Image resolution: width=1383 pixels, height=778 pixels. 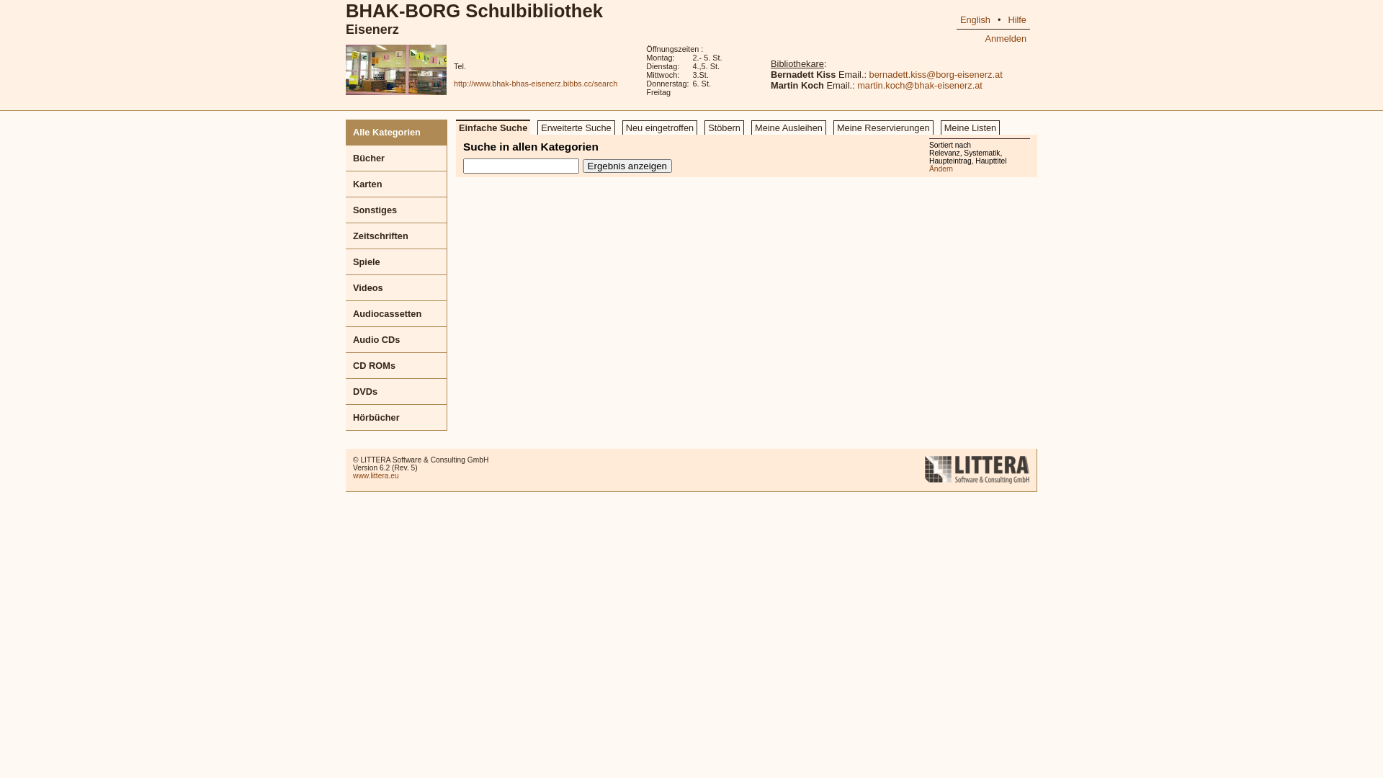 What do you see at coordinates (857, 85) in the screenshot?
I see `'martin.koch@bhak-eisenerz.at'` at bounding box center [857, 85].